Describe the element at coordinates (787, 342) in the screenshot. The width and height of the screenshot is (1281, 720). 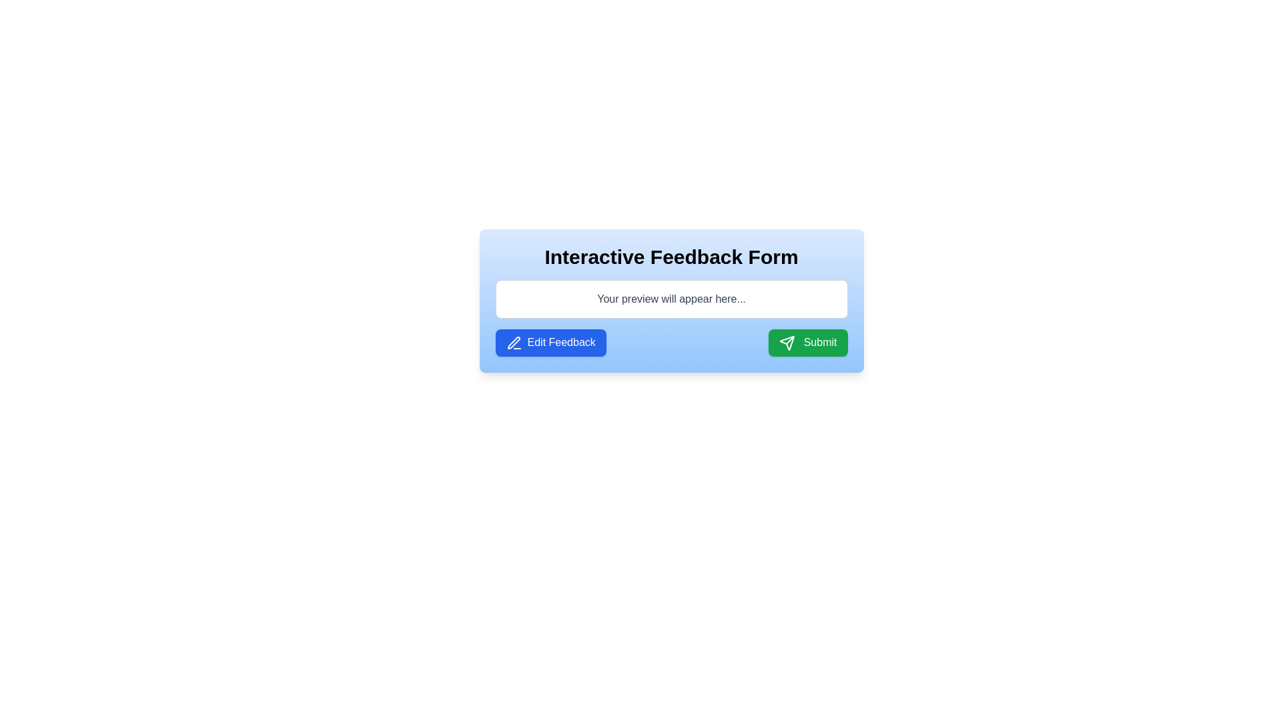
I see `the icon that represents sending or submitting an action, which is the leftmost element of the green 'Submit' button located on the right side of the bottom section of the form interface` at that location.